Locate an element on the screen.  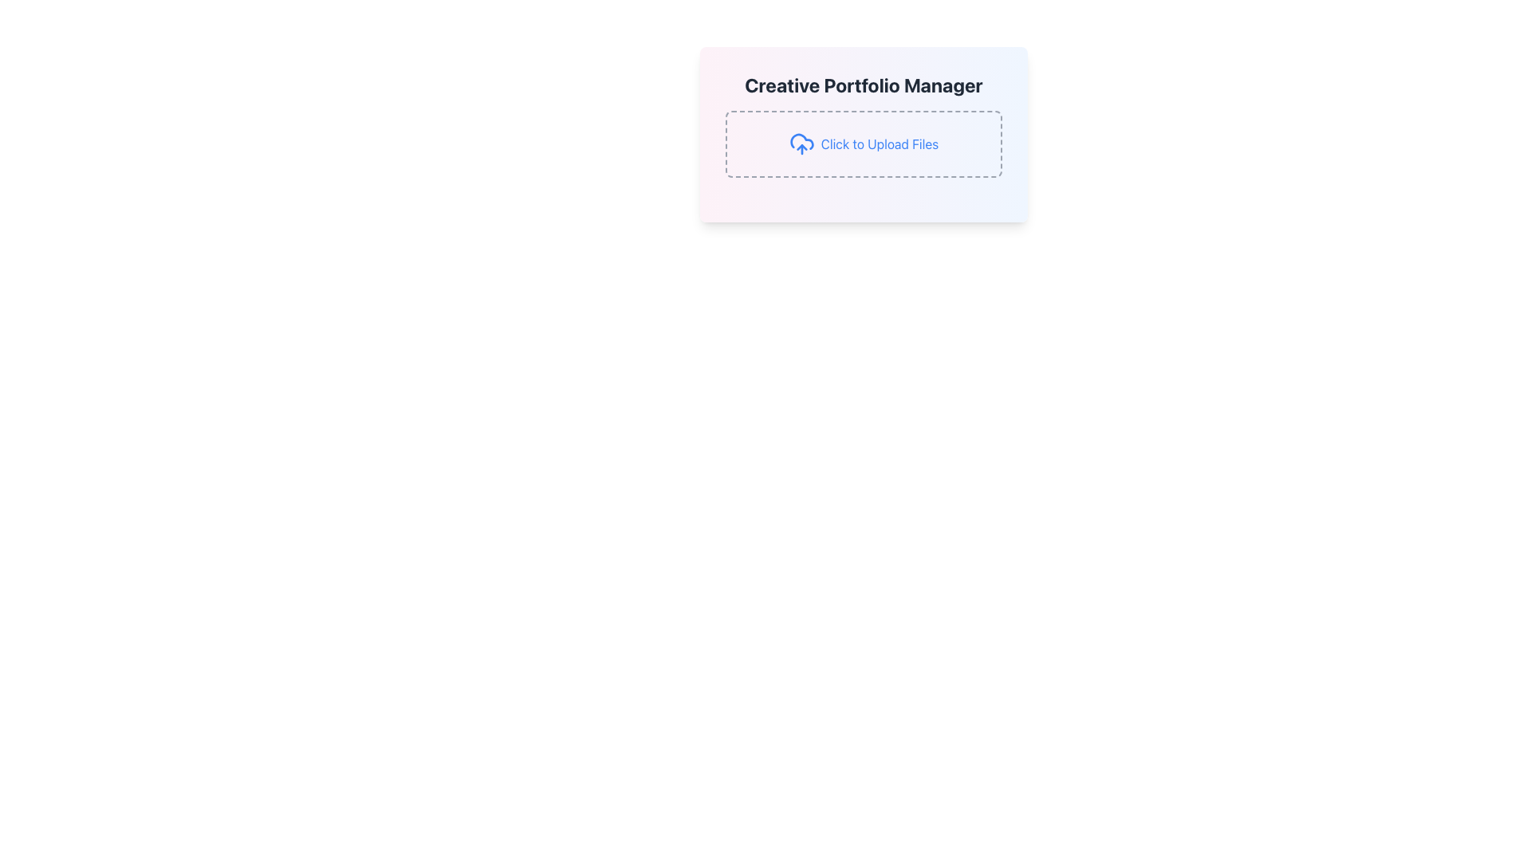
the Interactive file upload box, which has a dashed gray border and the text 'Click to Upload Files' in blue is located at coordinates (863, 144).